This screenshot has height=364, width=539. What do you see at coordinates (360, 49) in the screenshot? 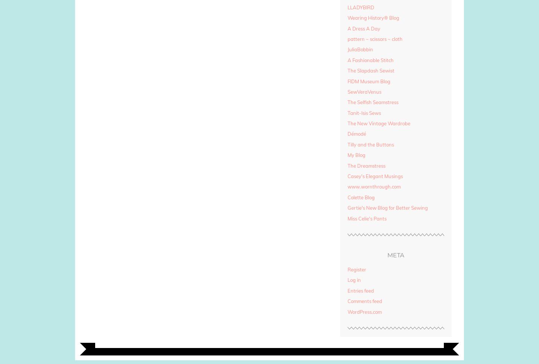
I see `'JuliaBobbin'` at bounding box center [360, 49].